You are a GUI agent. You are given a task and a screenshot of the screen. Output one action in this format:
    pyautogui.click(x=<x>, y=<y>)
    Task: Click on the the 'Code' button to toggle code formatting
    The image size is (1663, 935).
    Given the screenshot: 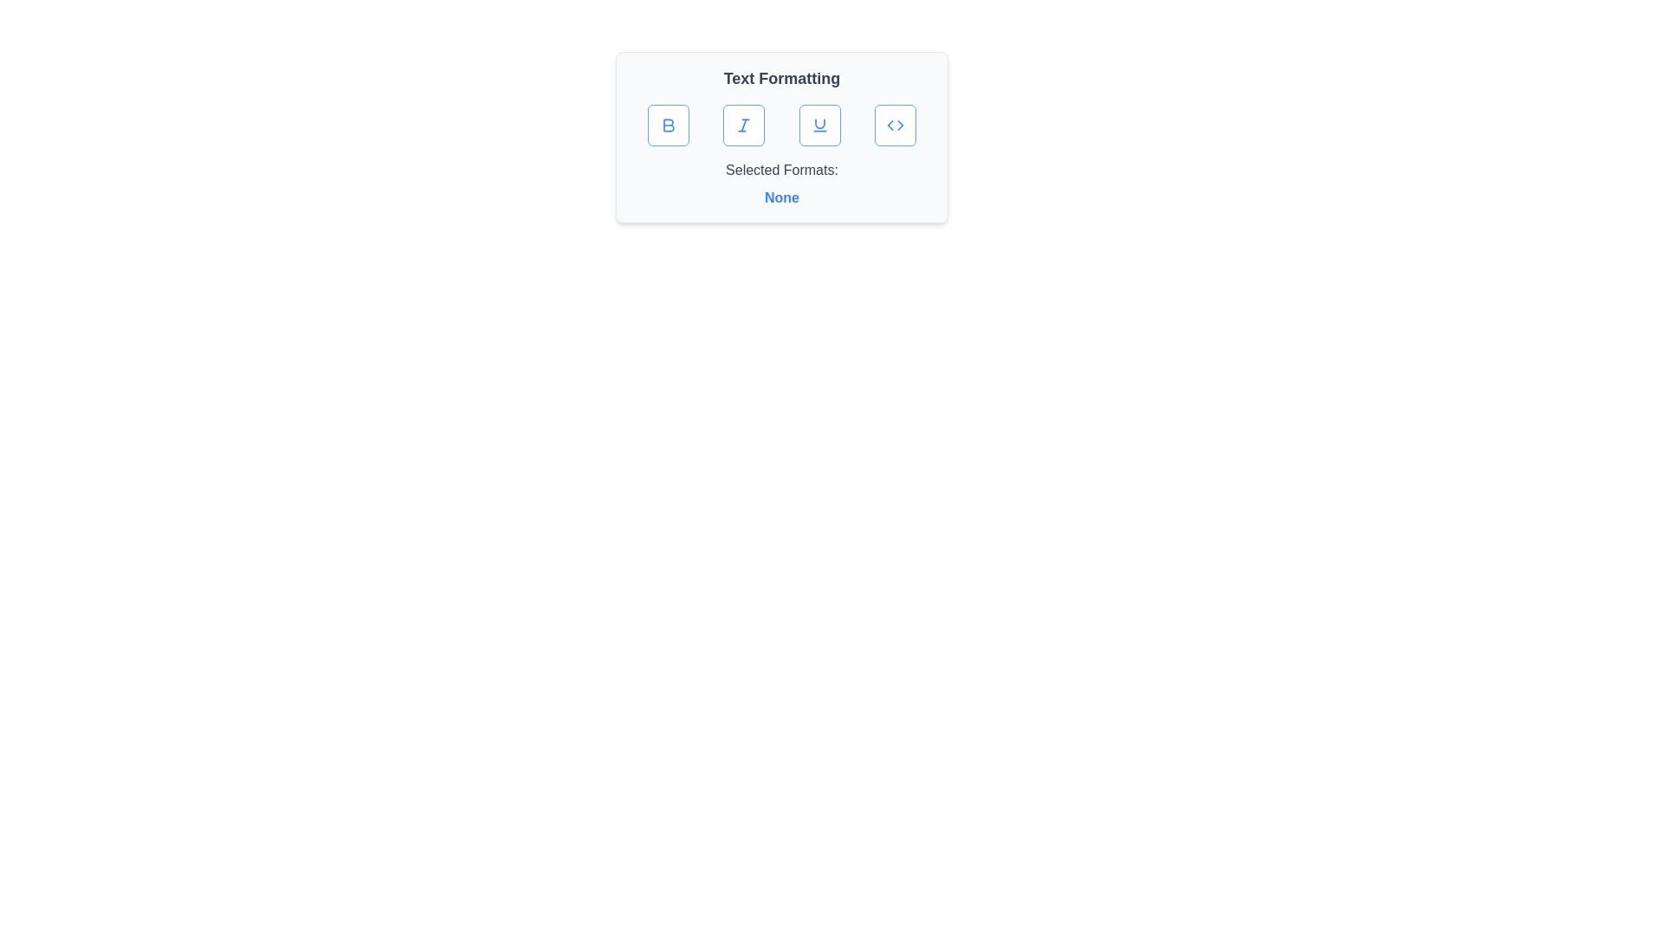 What is the action you would take?
    pyautogui.click(x=896, y=125)
    